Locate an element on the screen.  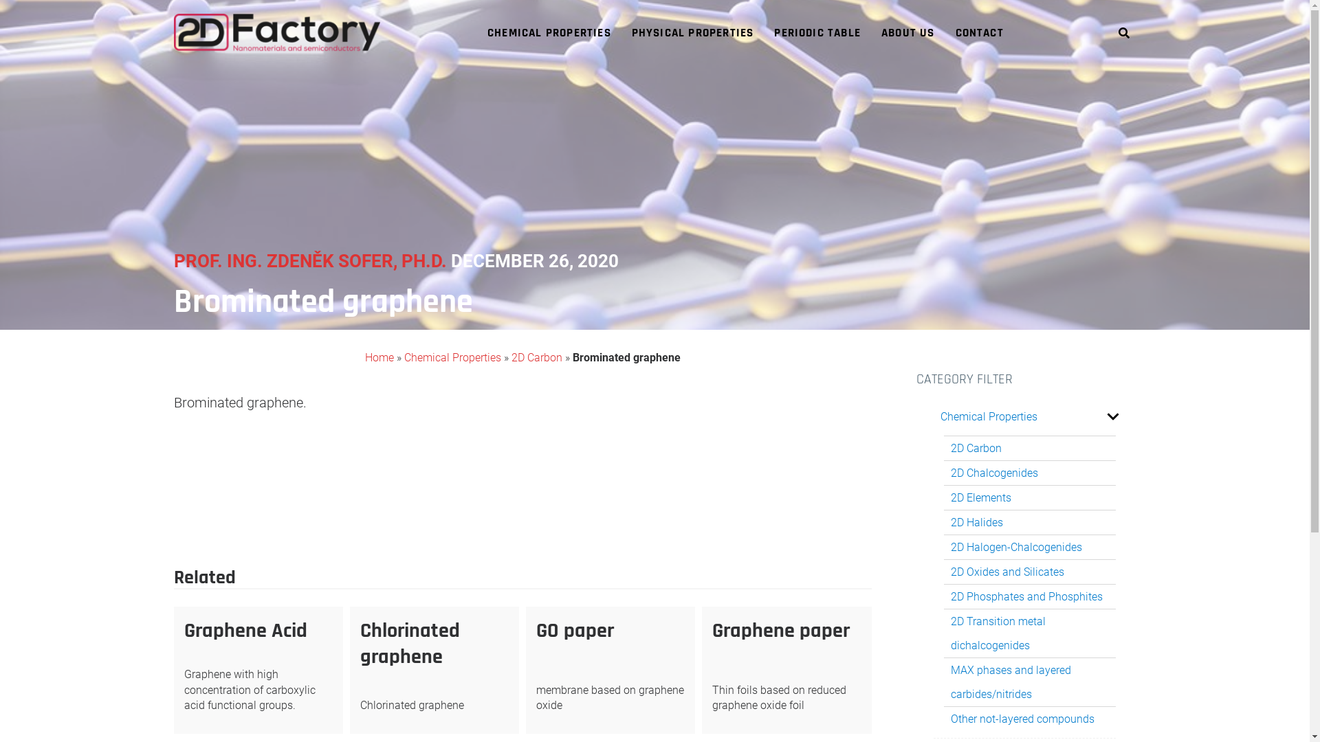
'2D Oxides and Silicates' is located at coordinates (1006, 572).